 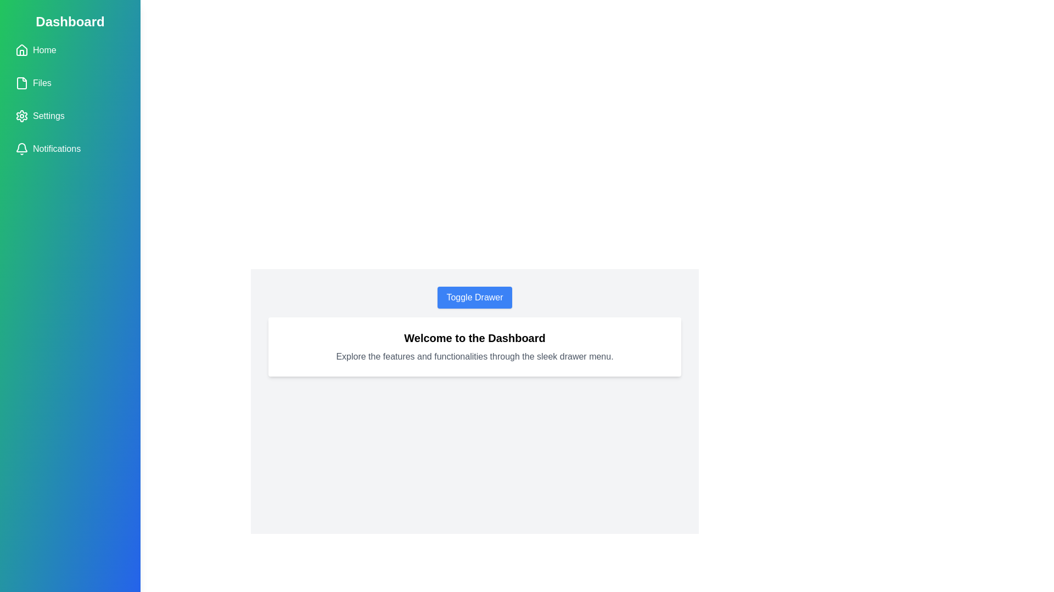 What do you see at coordinates (70, 149) in the screenshot?
I see `the menu item Notifications to navigate` at bounding box center [70, 149].